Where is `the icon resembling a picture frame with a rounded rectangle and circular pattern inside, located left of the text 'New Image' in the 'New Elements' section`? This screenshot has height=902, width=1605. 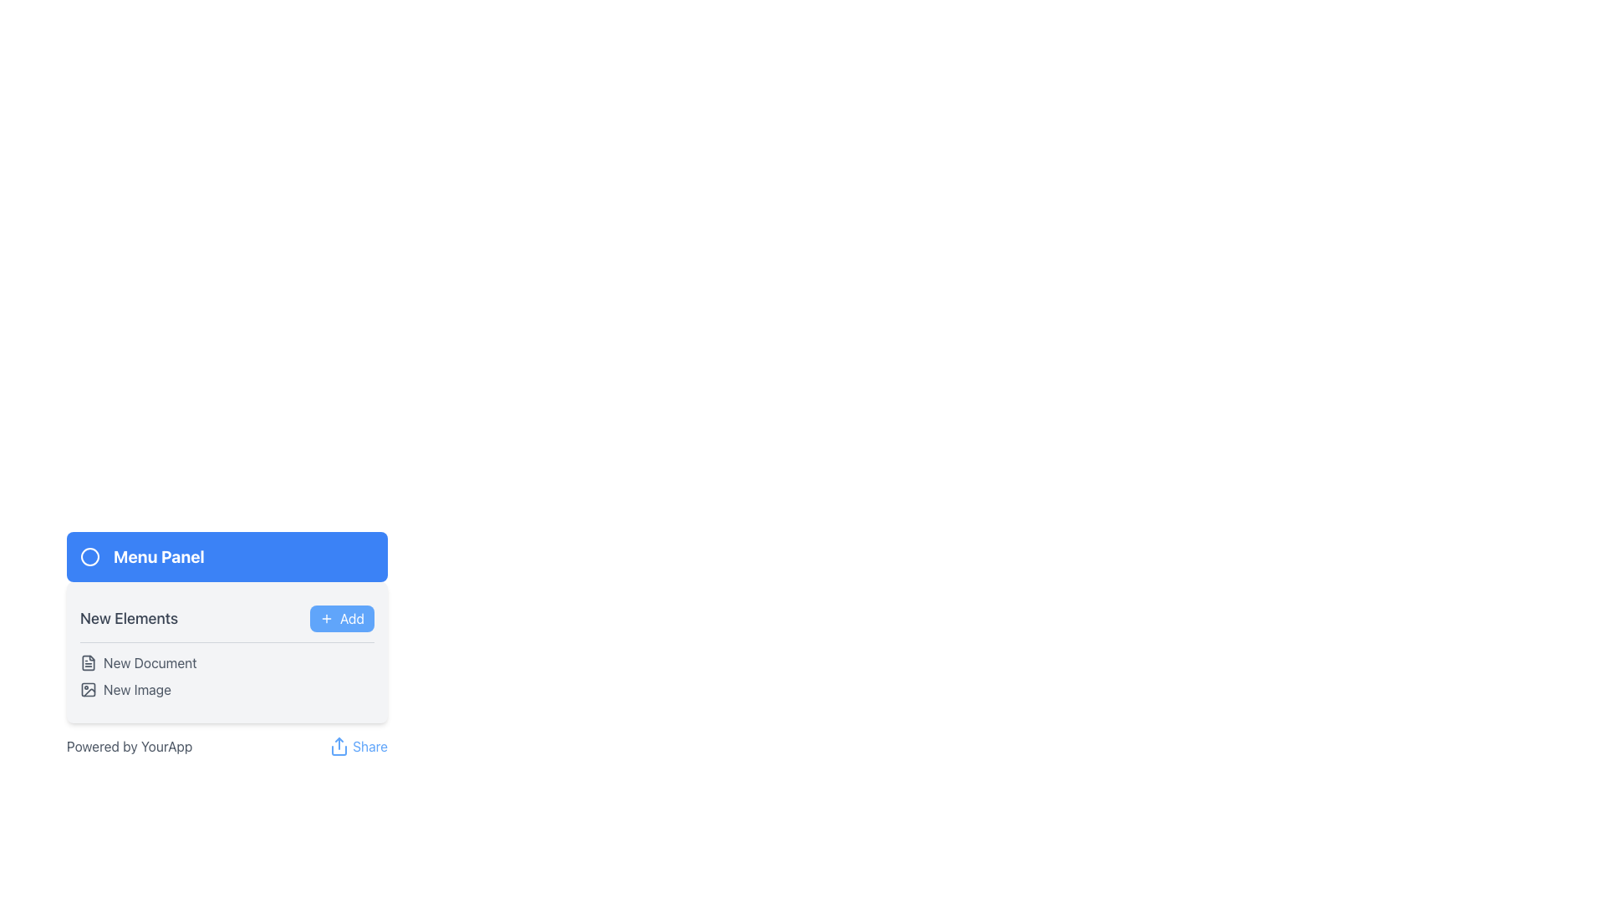 the icon resembling a picture frame with a rounded rectangle and circular pattern inside, located left of the text 'New Image' in the 'New Elements' section is located at coordinates (87, 689).